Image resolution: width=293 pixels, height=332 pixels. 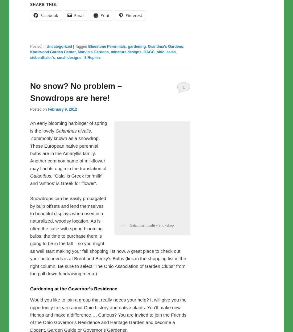 I want to click on 'An early blooming harbinger of spring is the lovely', so click(x=68, y=142).